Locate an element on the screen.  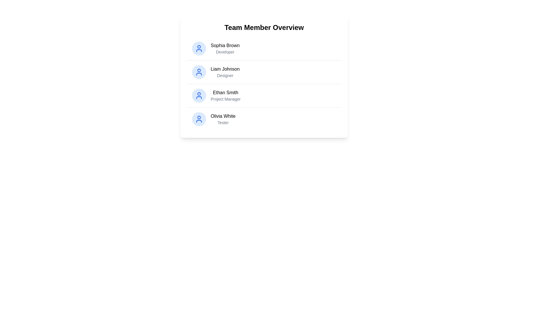
the static text label for the individual, Sophia Brown, which is located at the top of the first item in the team members list is located at coordinates (225, 45).